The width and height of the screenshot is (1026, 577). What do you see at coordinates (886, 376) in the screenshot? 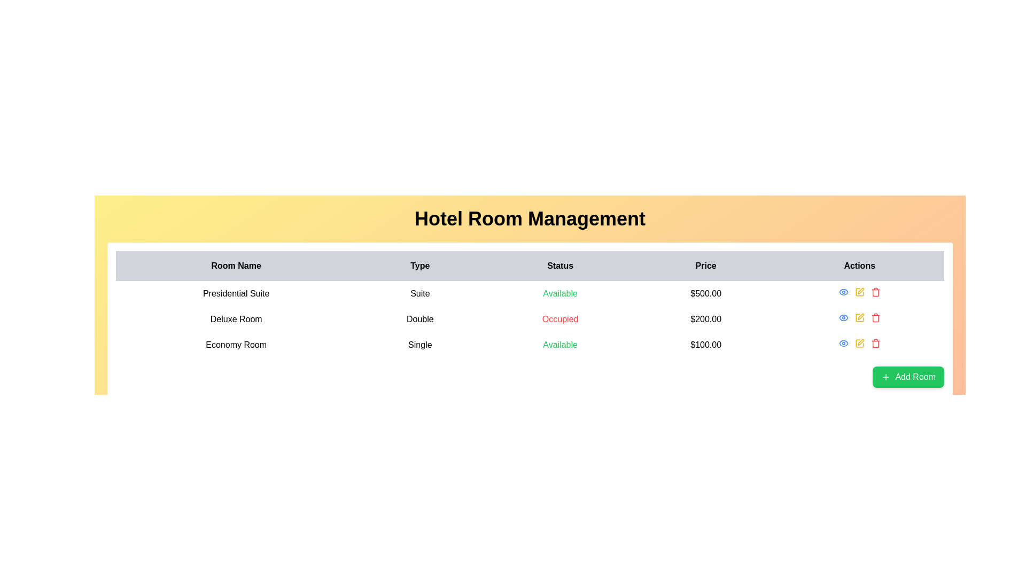
I see `the green plus icon that is part of the 'Add Room' button, located to the left of the text 'Add Room'` at bounding box center [886, 376].